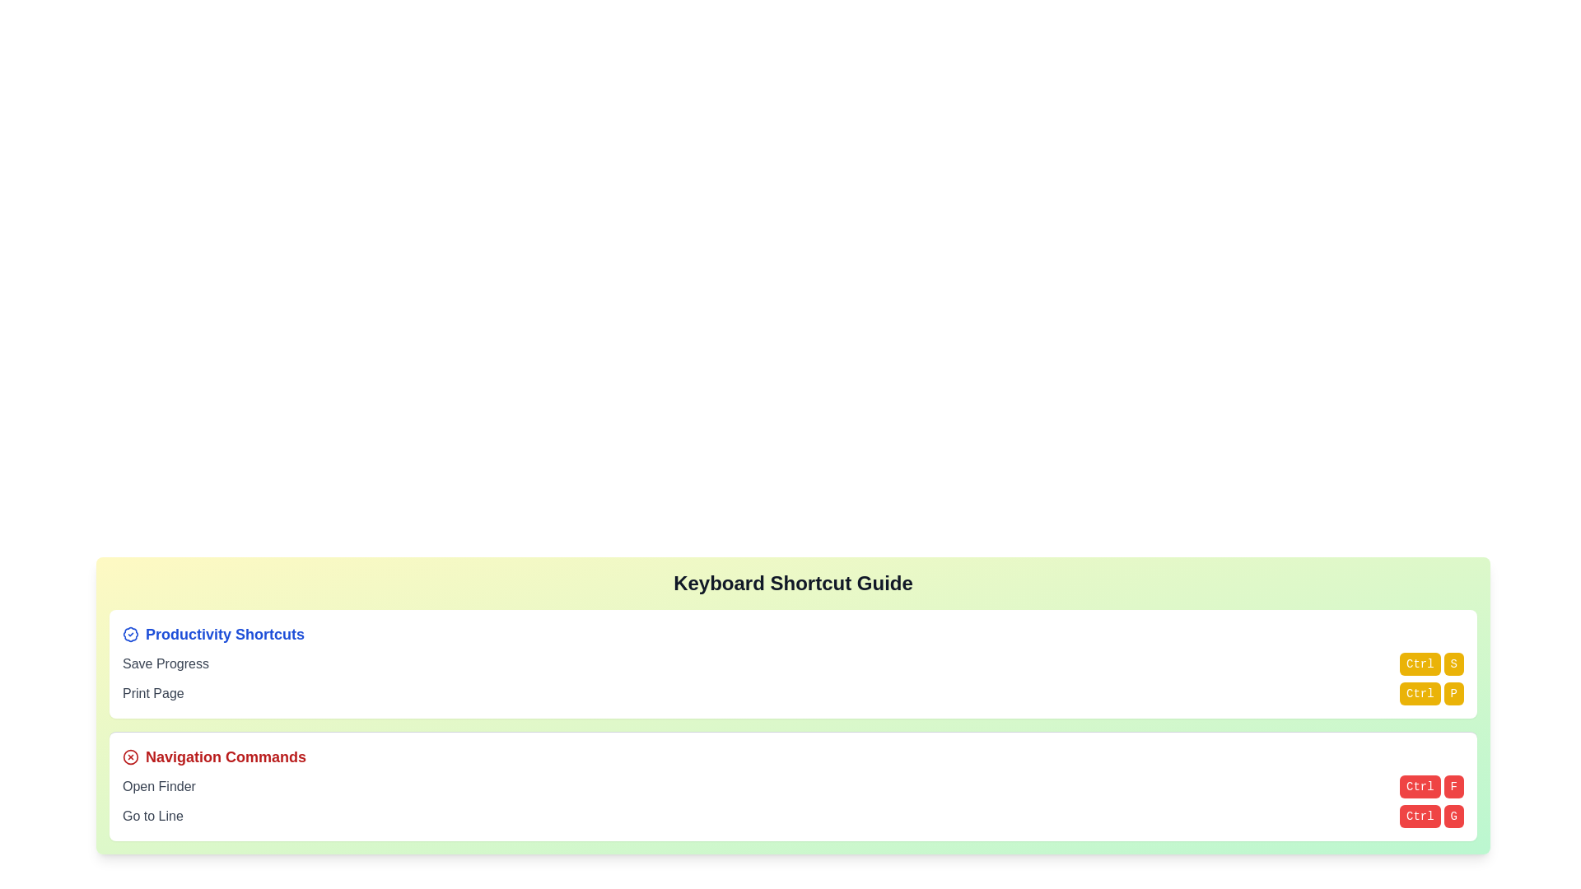 The image size is (1581, 889). What do you see at coordinates (159, 786) in the screenshot?
I see `the Text Label that indicates the action of opening the Finder application, located in the 'Navigation Commands' section next to the shortcut instructions for Ctrl and F keys` at bounding box center [159, 786].